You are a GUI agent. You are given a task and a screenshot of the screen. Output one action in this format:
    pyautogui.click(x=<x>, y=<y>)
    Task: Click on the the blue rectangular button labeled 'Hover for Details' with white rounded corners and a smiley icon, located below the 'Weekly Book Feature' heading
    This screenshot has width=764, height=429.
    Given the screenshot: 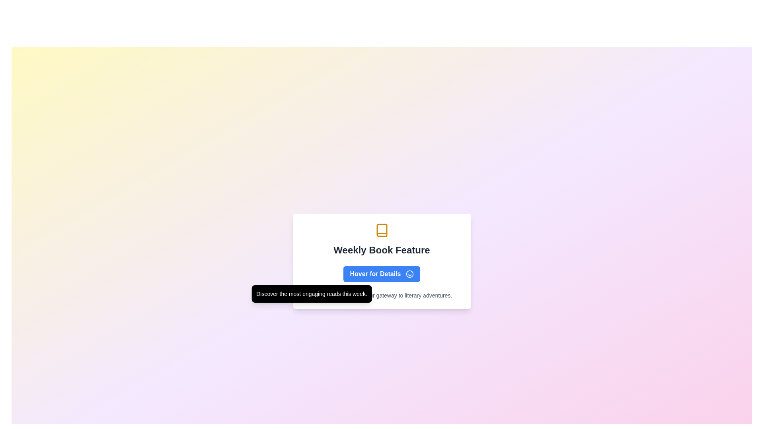 What is the action you would take?
    pyautogui.click(x=381, y=274)
    